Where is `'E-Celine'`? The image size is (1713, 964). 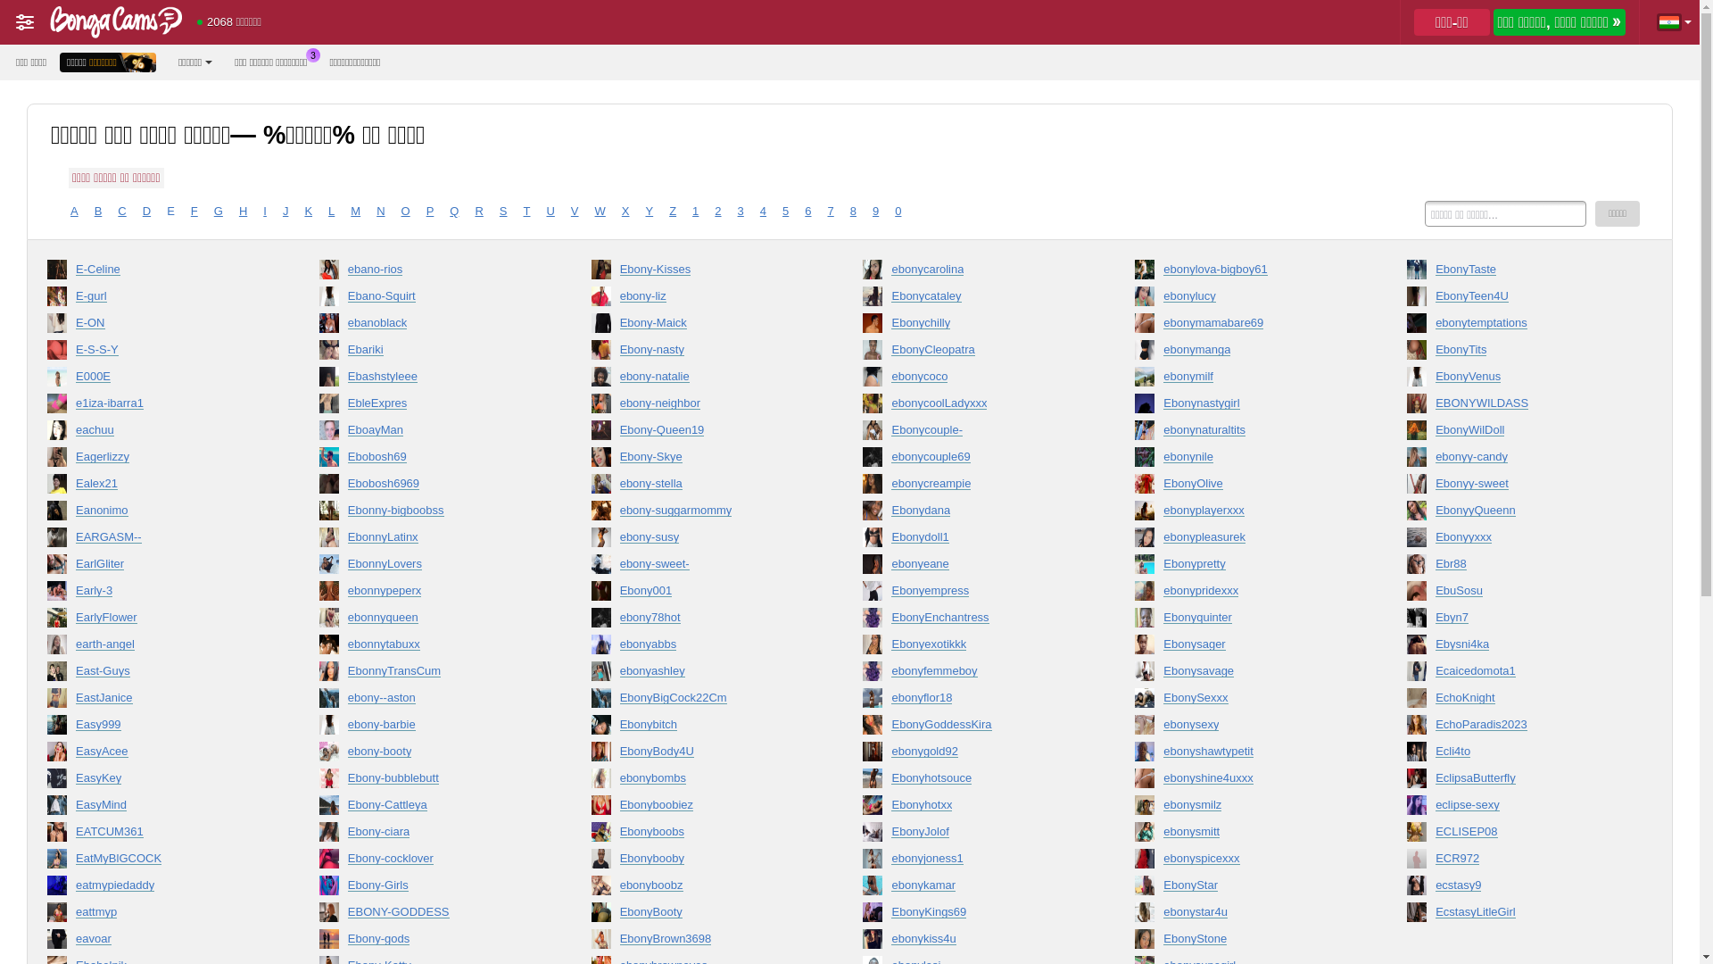
'E-Celine' is located at coordinates (158, 272).